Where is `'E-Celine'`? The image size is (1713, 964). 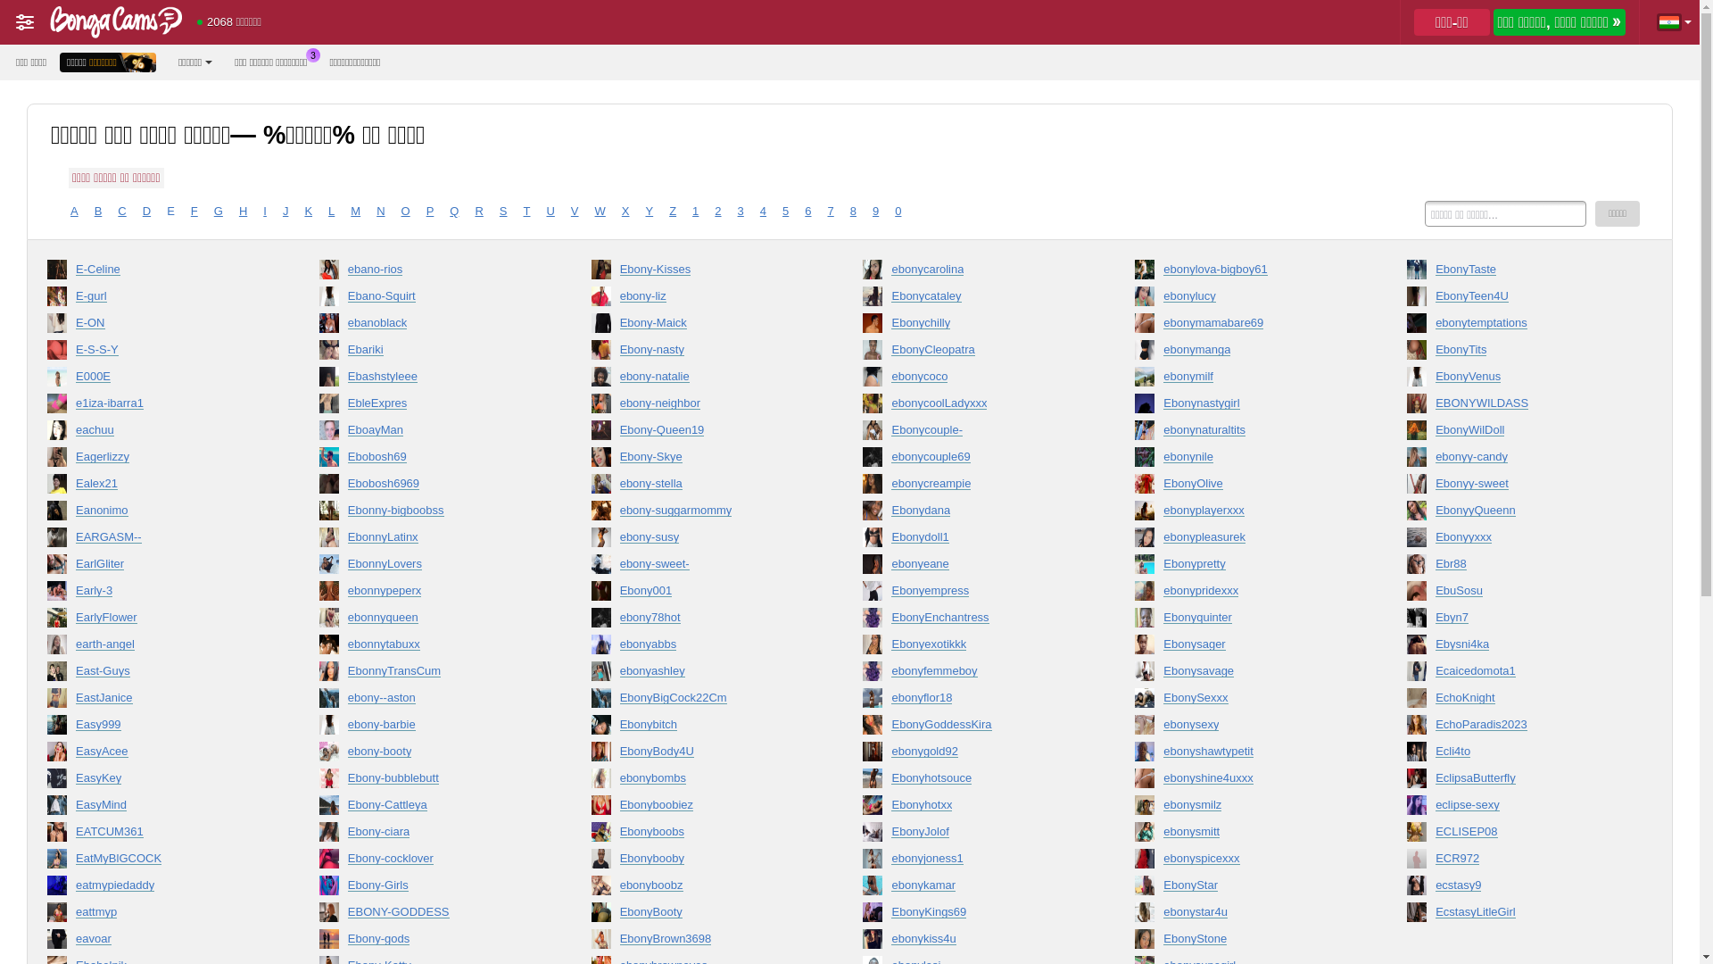
'E-Celine' is located at coordinates (158, 272).